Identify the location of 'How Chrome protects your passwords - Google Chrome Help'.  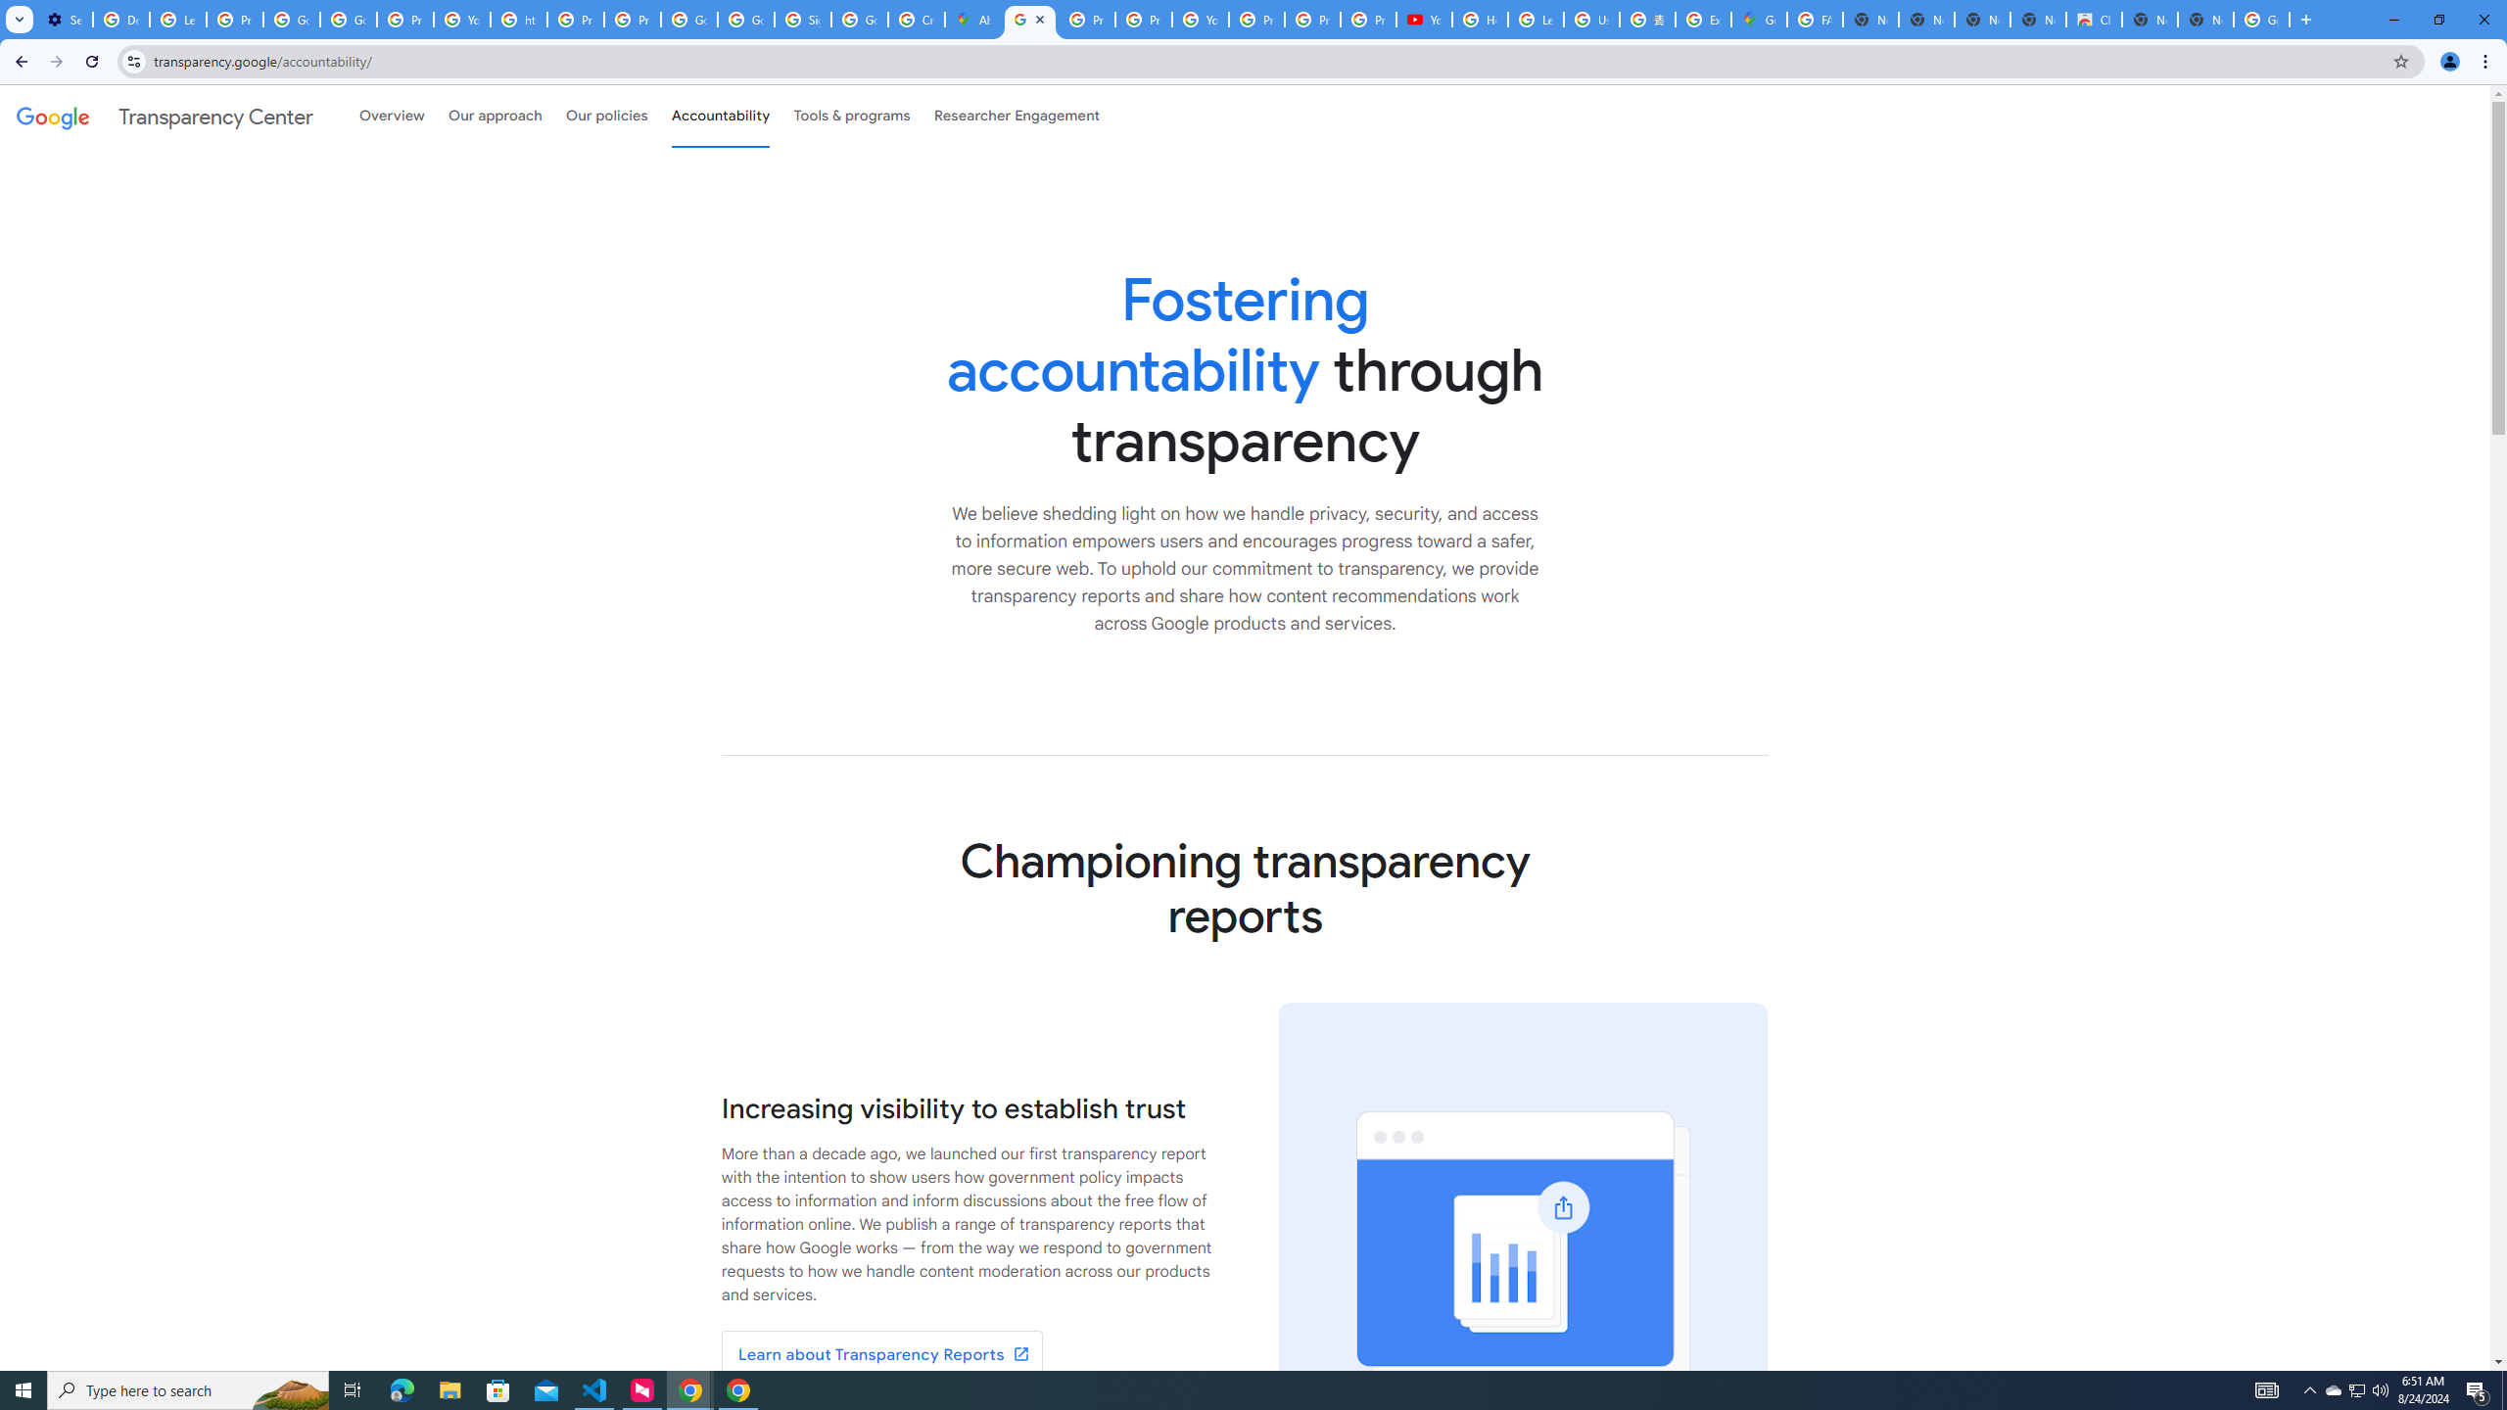
(1480, 19).